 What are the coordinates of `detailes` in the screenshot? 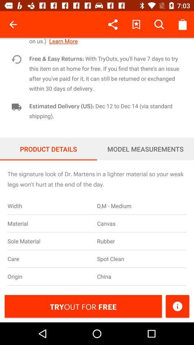 It's located at (177, 306).